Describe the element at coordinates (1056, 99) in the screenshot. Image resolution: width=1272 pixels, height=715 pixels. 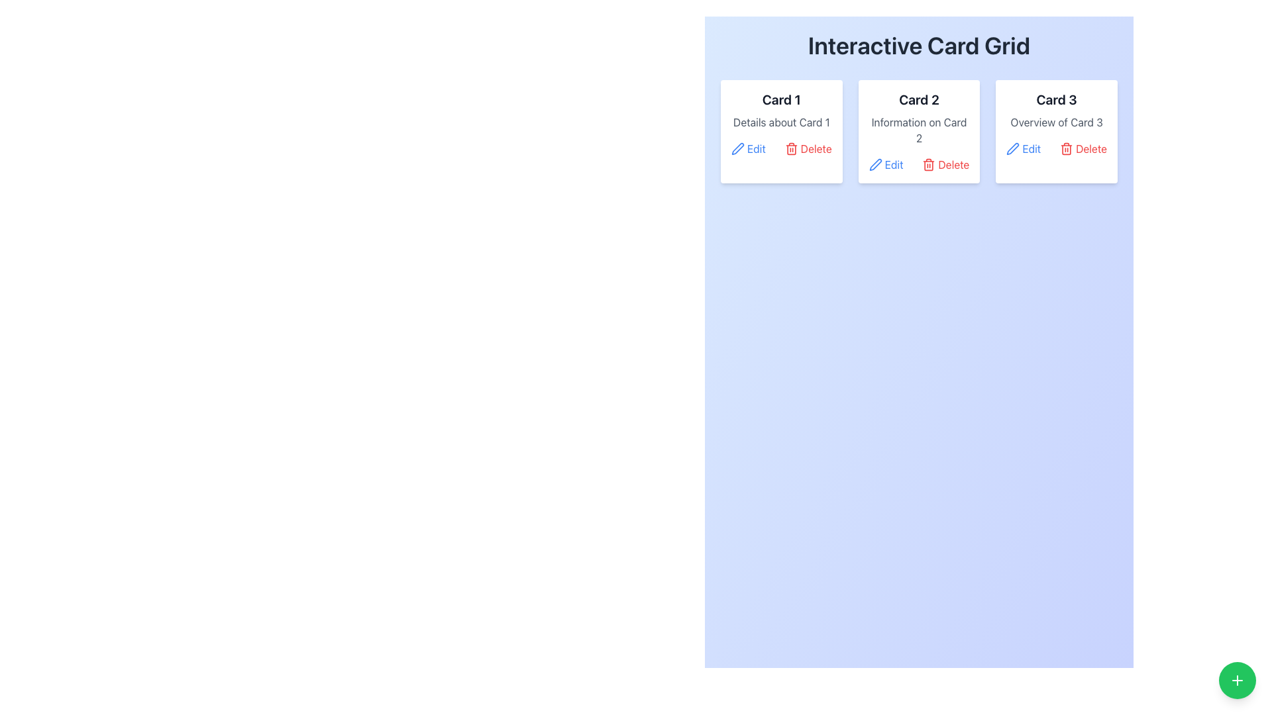
I see `the text label displaying 'Card 3', which is prominently styled with a larger font size and bold weight, located in the top section of the card in the third column of a grid` at that location.